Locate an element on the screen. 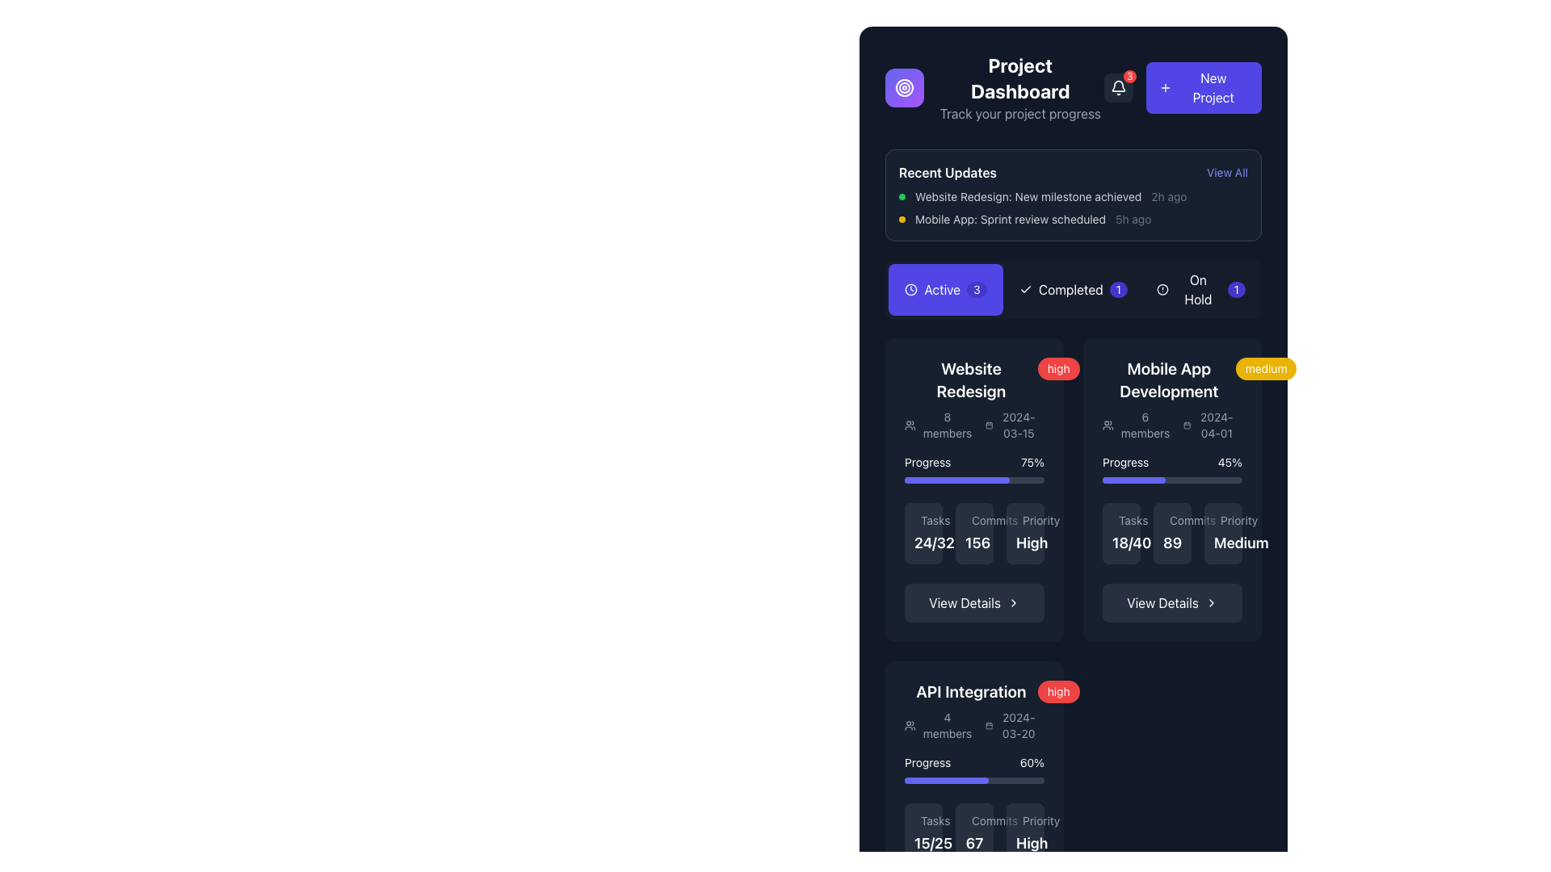  the List Item displaying the update 'Website Redesign: New milestone achieved' is located at coordinates (1074, 195).